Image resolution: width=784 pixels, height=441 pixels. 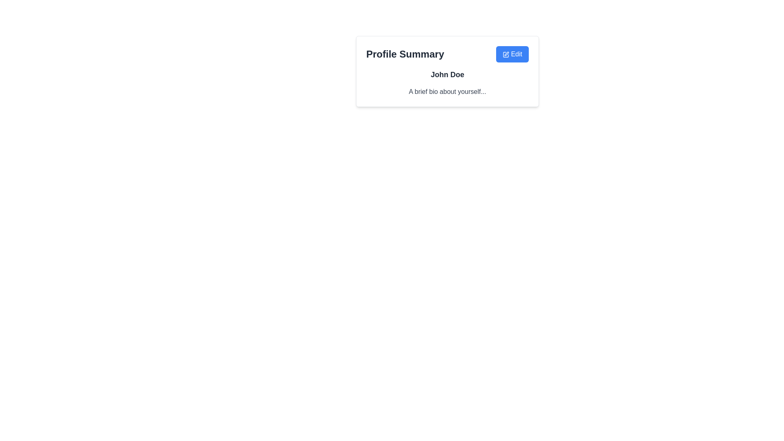 I want to click on the pen icon embedded inside the blue 'Edit' button located at the top-right corner of the 'Profile Summary' card, so click(x=505, y=54).